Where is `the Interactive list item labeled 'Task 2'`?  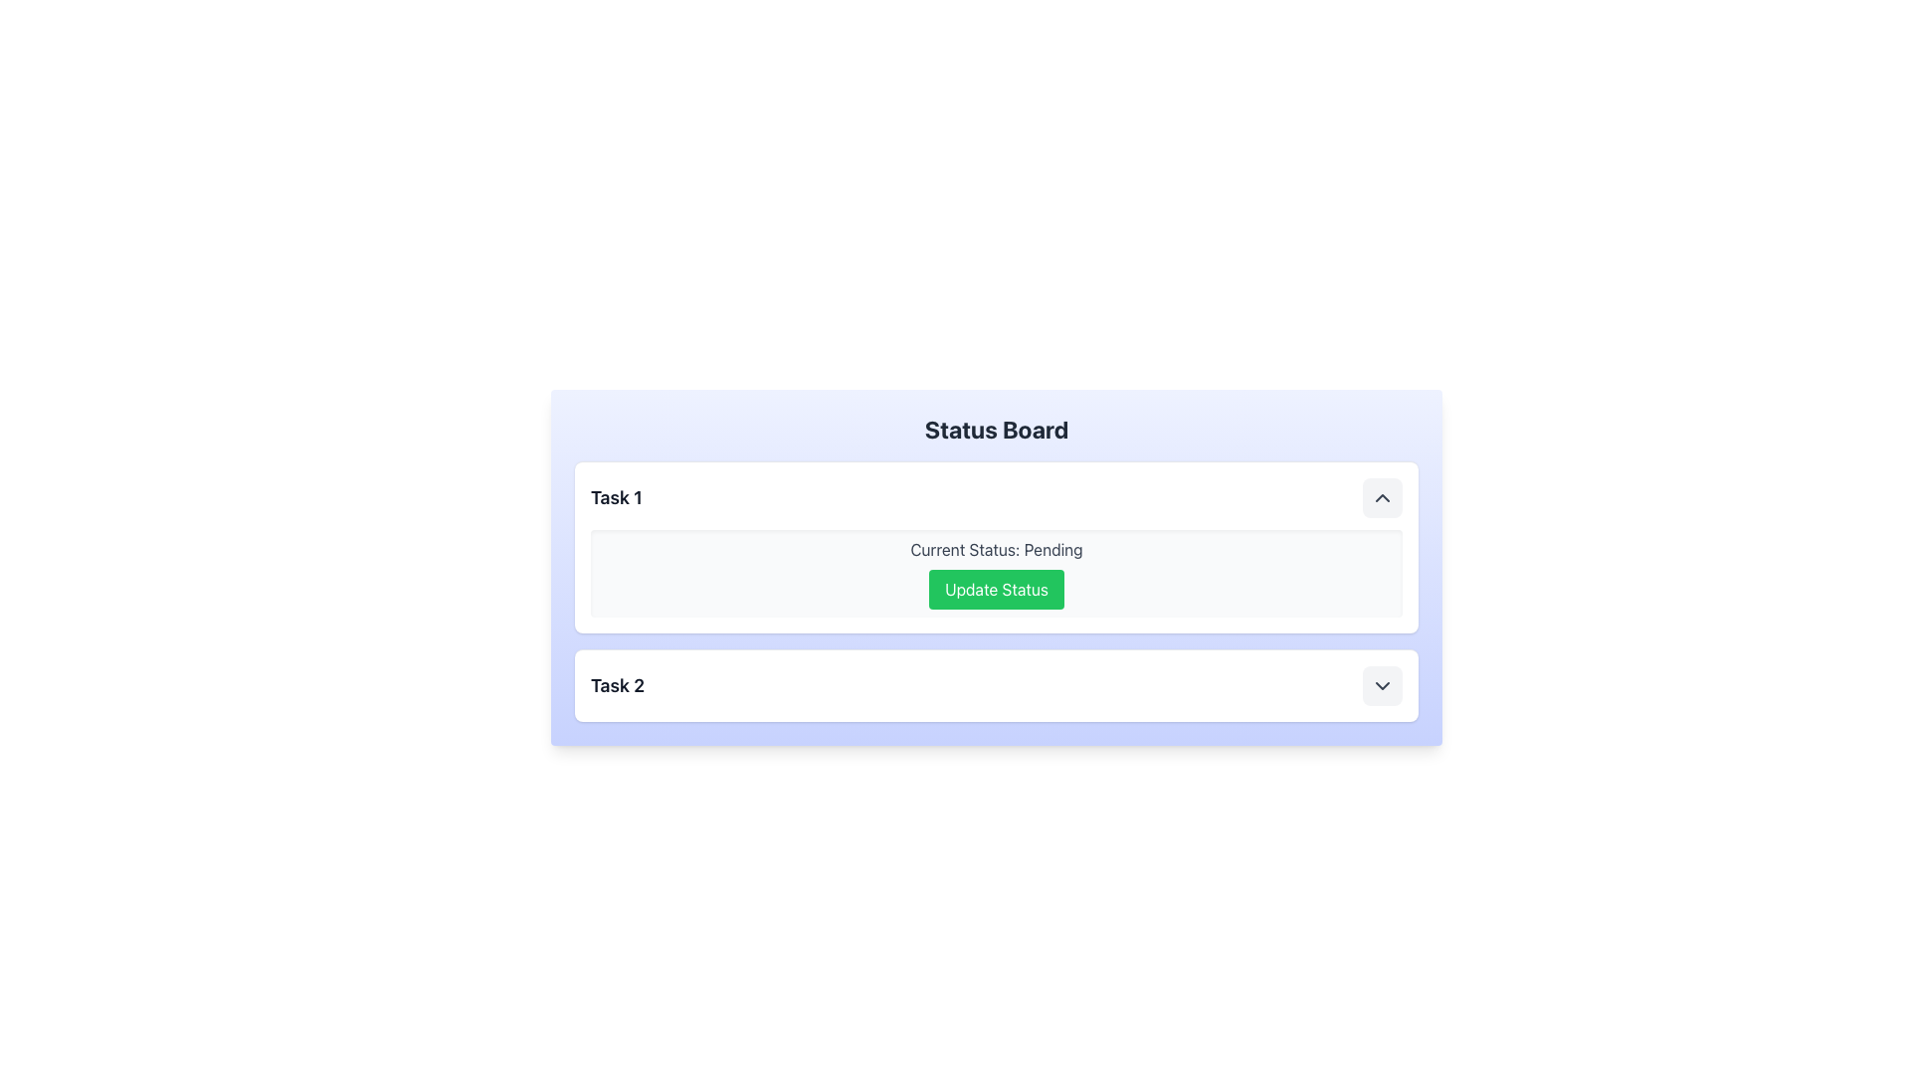
the Interactive list item labeled 'Task 2' is located at coordinates (997, 685).